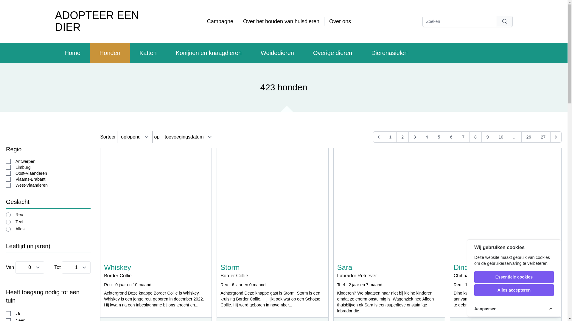 The image size is (572, 321). What do you see at coordinates (529, 137) in the screenshot?
I see `'26'` at bounding box center [529, 137].